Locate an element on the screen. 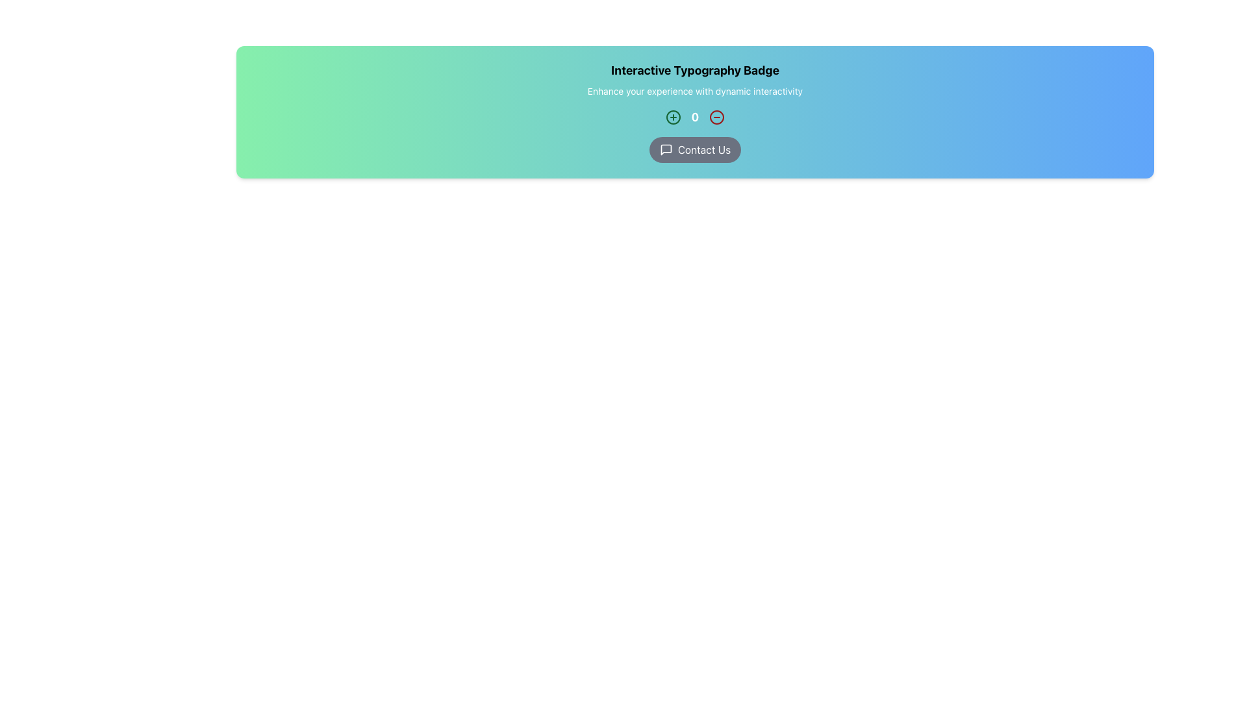  the text 'Enhance your experience with dynamic interactivity' which is displayed in white against a gradient blue-green background, located below the title 'Interactive Typography Badge' is located at coordinates (694, 91).